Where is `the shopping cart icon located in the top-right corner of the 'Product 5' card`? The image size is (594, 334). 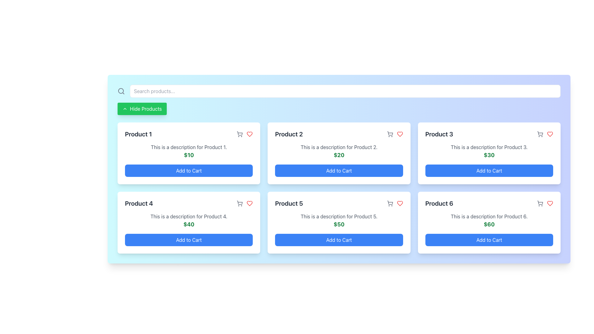
the shopping cart icon located in the top-right corner of the 'Product 5' card is located at coordinates (394, 203).